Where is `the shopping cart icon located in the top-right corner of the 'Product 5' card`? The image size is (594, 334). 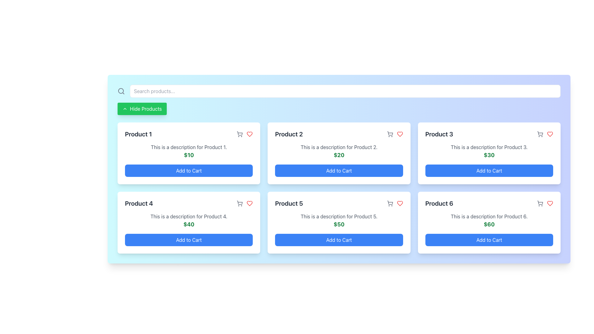
the shopping cart icon located in the top-right corner of the 'Product 5' card is located at coordinates (394, 203).